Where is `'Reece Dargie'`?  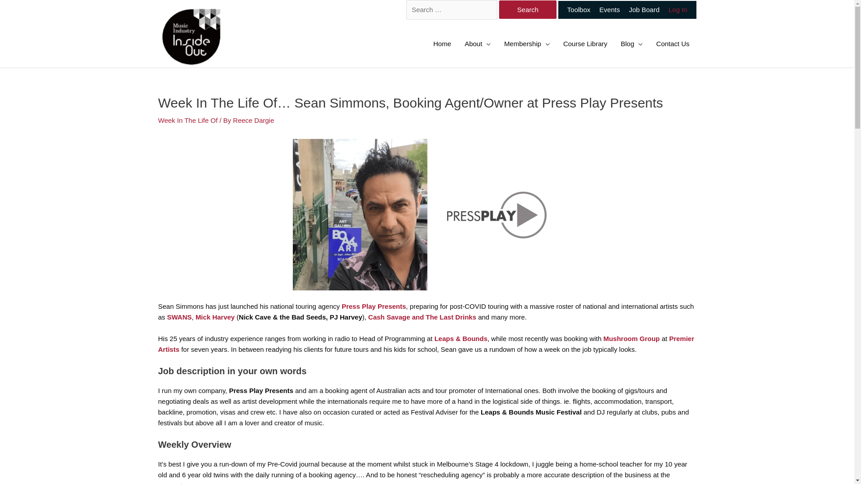 'Reece Dargie' is located at coordinates (253, 120).